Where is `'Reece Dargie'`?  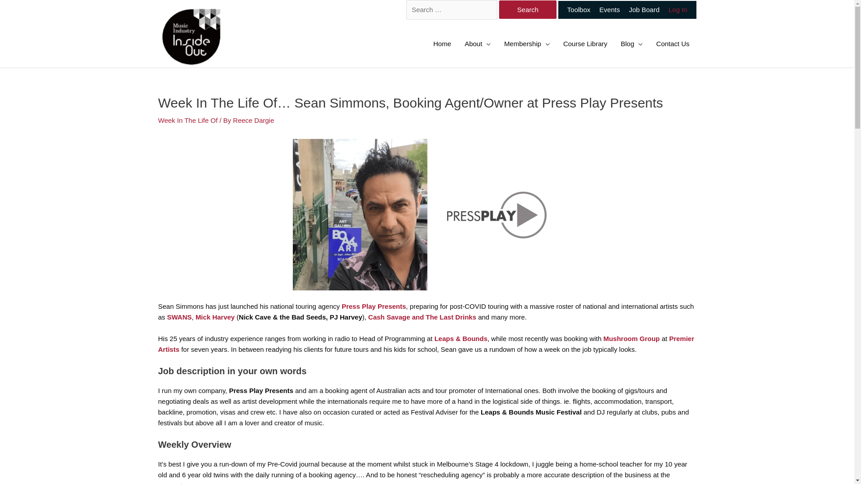 'Reece Dargie' is located at coordinates (253, 120).